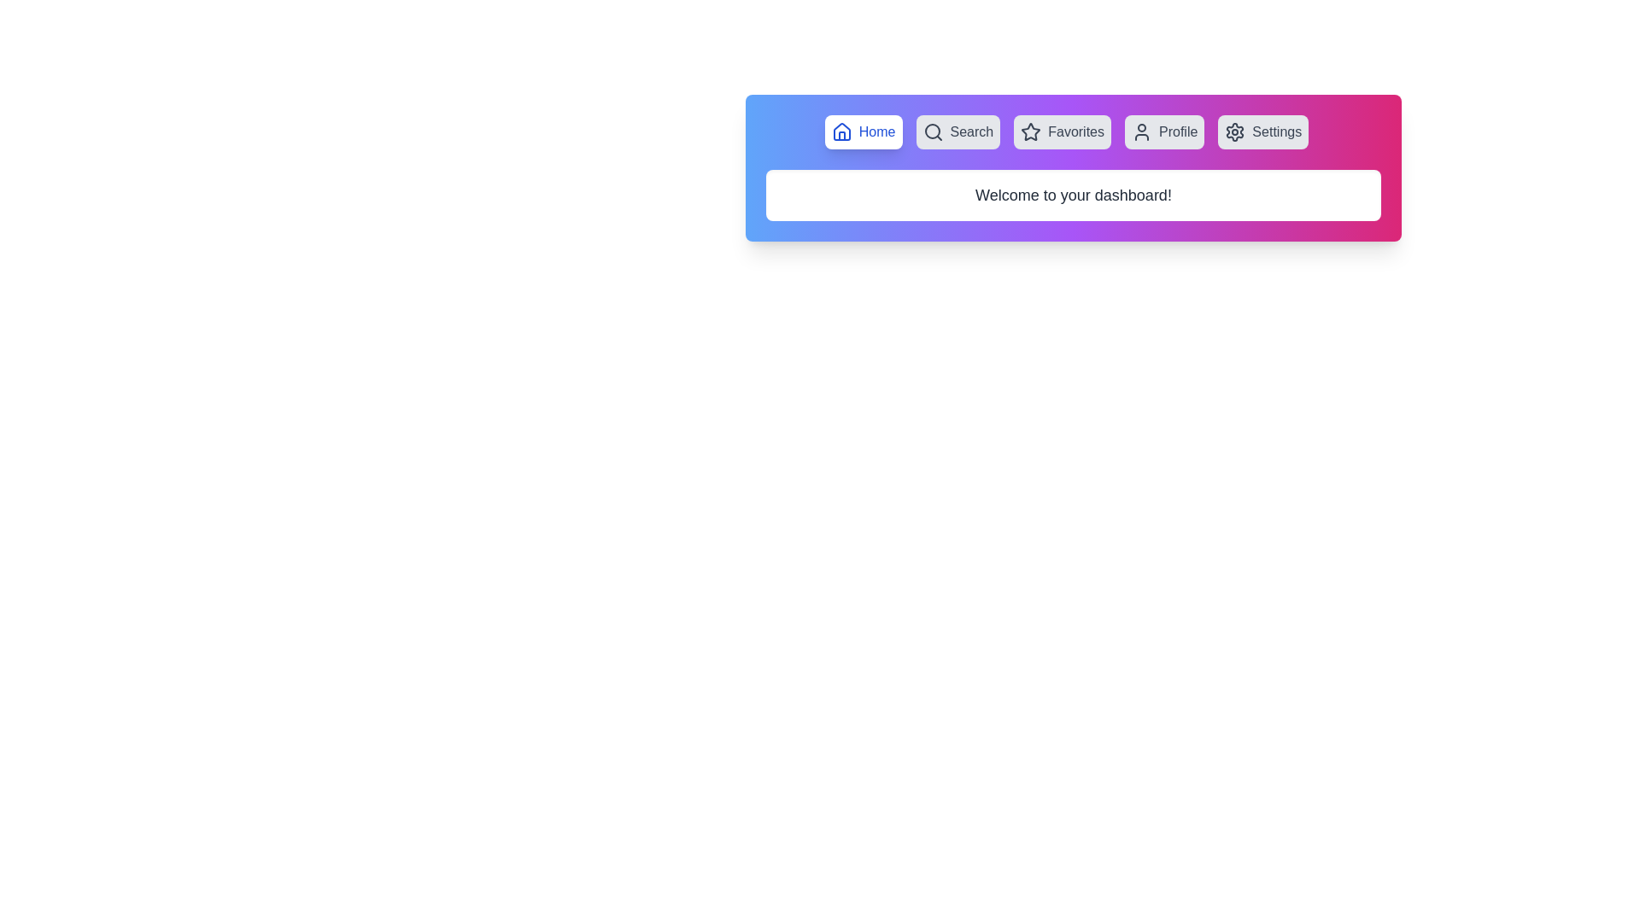 The width and height of the screenshot is (1640, 922). Describe the element at coordinates (1062, 131) in the screenshot. I see `the 'Favorites' button, which is a rectangular light gray button with rounded corners and a star icon, located in the navigation bar between 'Search' and 'Profile'` at that location.